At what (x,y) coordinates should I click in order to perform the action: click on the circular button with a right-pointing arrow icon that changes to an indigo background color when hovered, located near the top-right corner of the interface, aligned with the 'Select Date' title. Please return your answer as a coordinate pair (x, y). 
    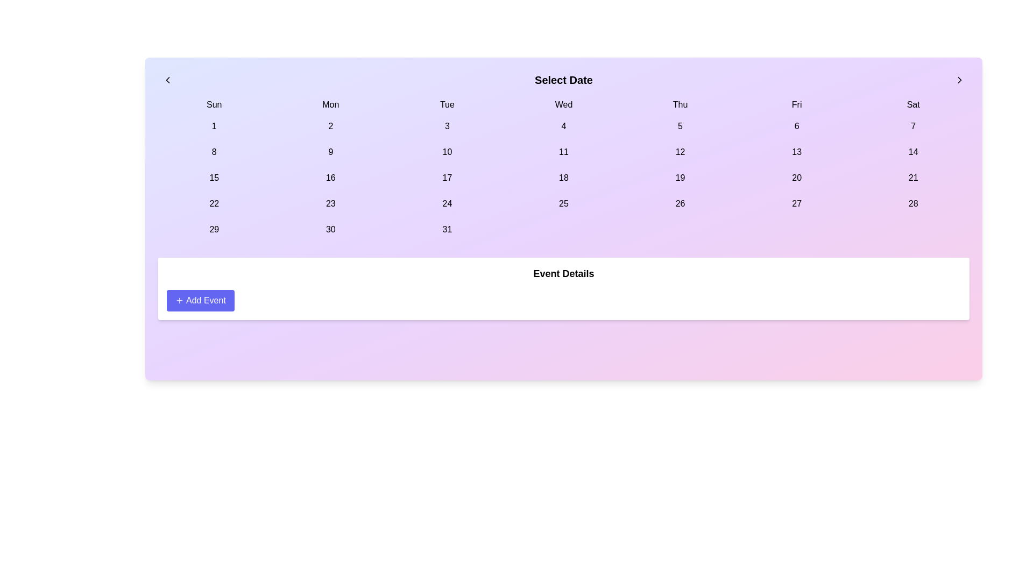
    Looking at the image, I should click on (960, 80).